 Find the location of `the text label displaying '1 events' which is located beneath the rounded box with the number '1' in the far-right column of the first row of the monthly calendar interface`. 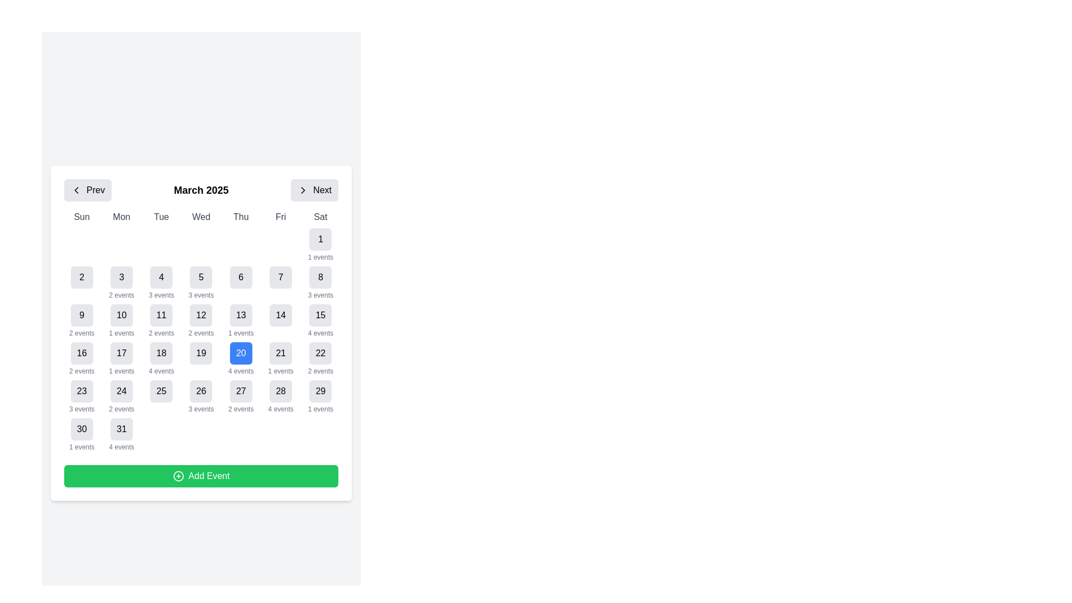

the text label displaying '1 events' which is located beneath the rounded box with the number '1' in the far-right column of the first row of the monthly calendar interface is located at coordinates (121, 333).